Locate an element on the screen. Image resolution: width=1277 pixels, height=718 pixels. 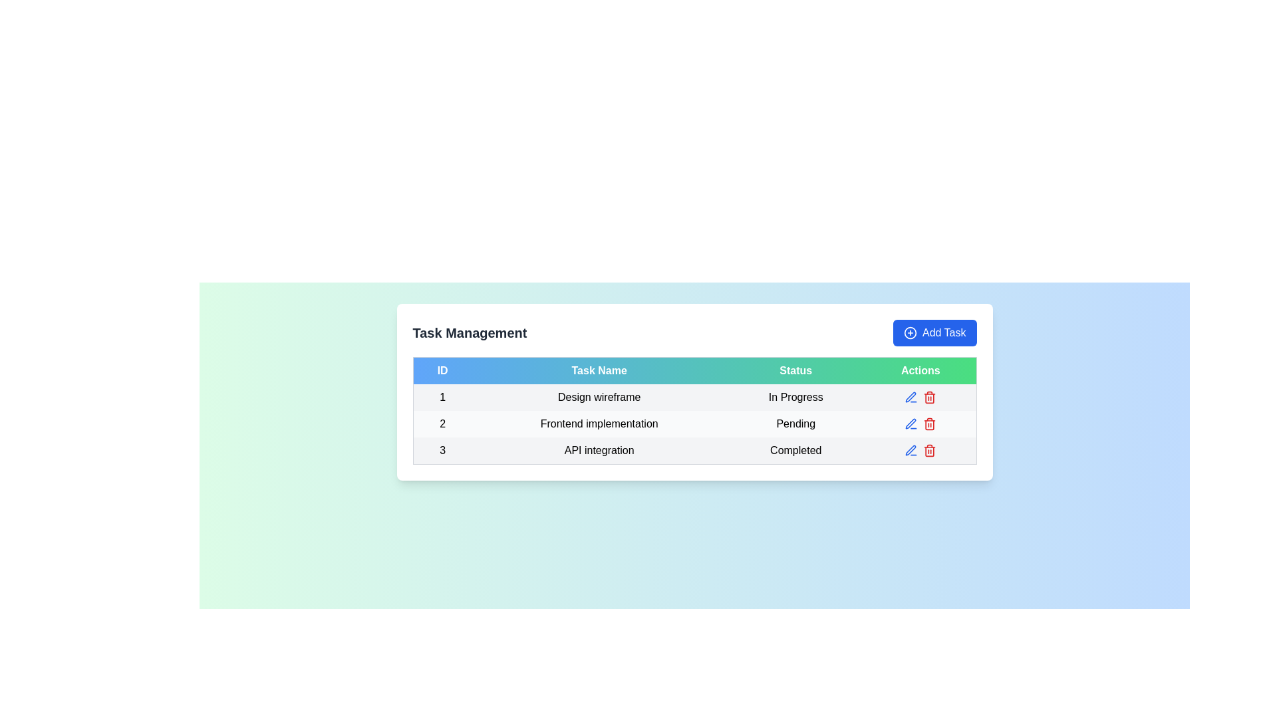
the third column header in the table that describes the status of tasks is located at coordinates (795, 370).